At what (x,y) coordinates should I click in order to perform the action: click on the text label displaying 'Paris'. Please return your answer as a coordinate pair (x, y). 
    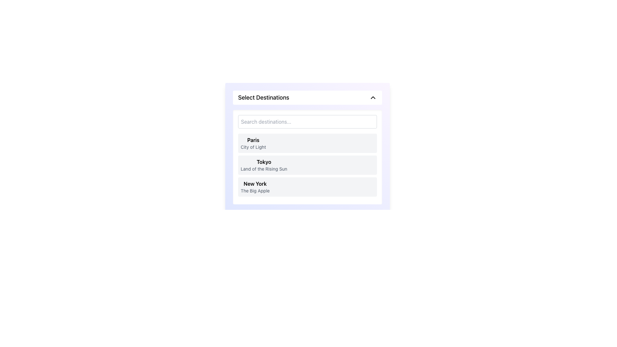
    Looking at the image, I should click on (253, 143).